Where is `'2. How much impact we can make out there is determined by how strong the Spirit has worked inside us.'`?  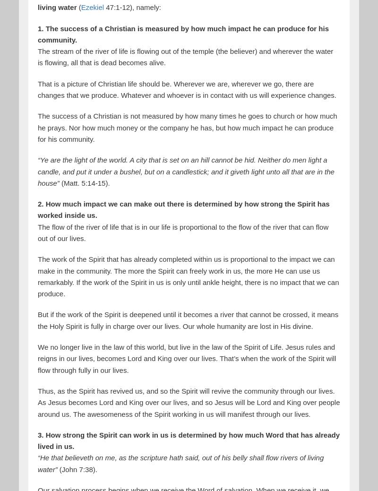
'2. How much impact we can make out there is determined by how strong the Spirit has worked inside us.' is located at coordinates (38, 209).